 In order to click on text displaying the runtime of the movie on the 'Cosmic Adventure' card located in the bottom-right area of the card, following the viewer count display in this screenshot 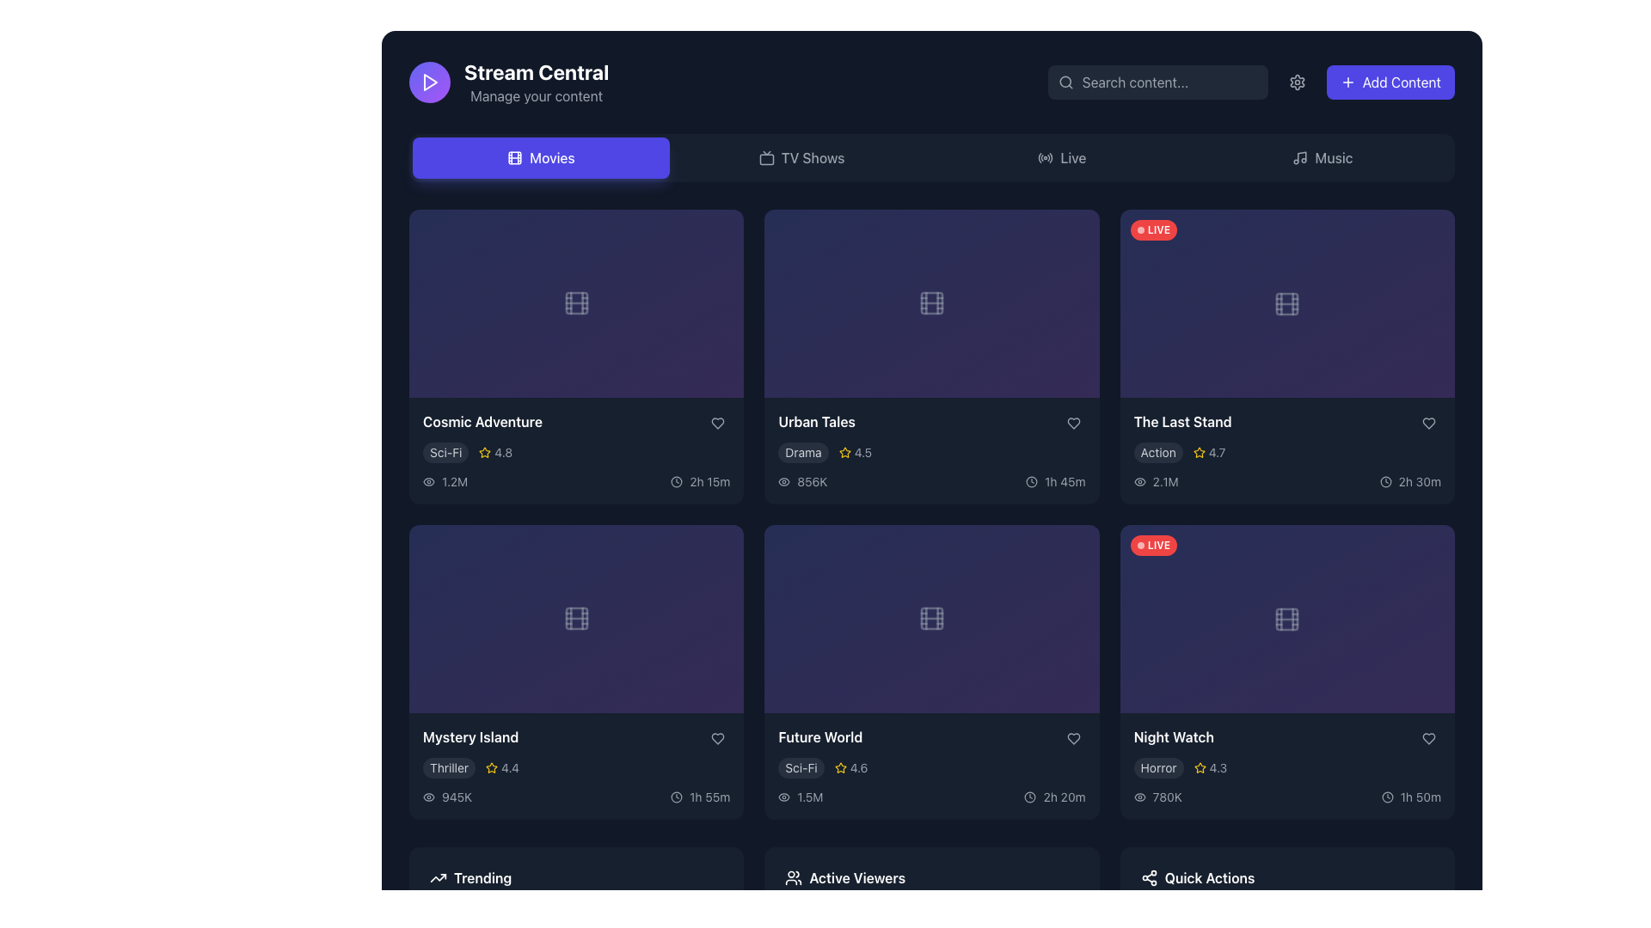, I will do `click(700, 481)`.